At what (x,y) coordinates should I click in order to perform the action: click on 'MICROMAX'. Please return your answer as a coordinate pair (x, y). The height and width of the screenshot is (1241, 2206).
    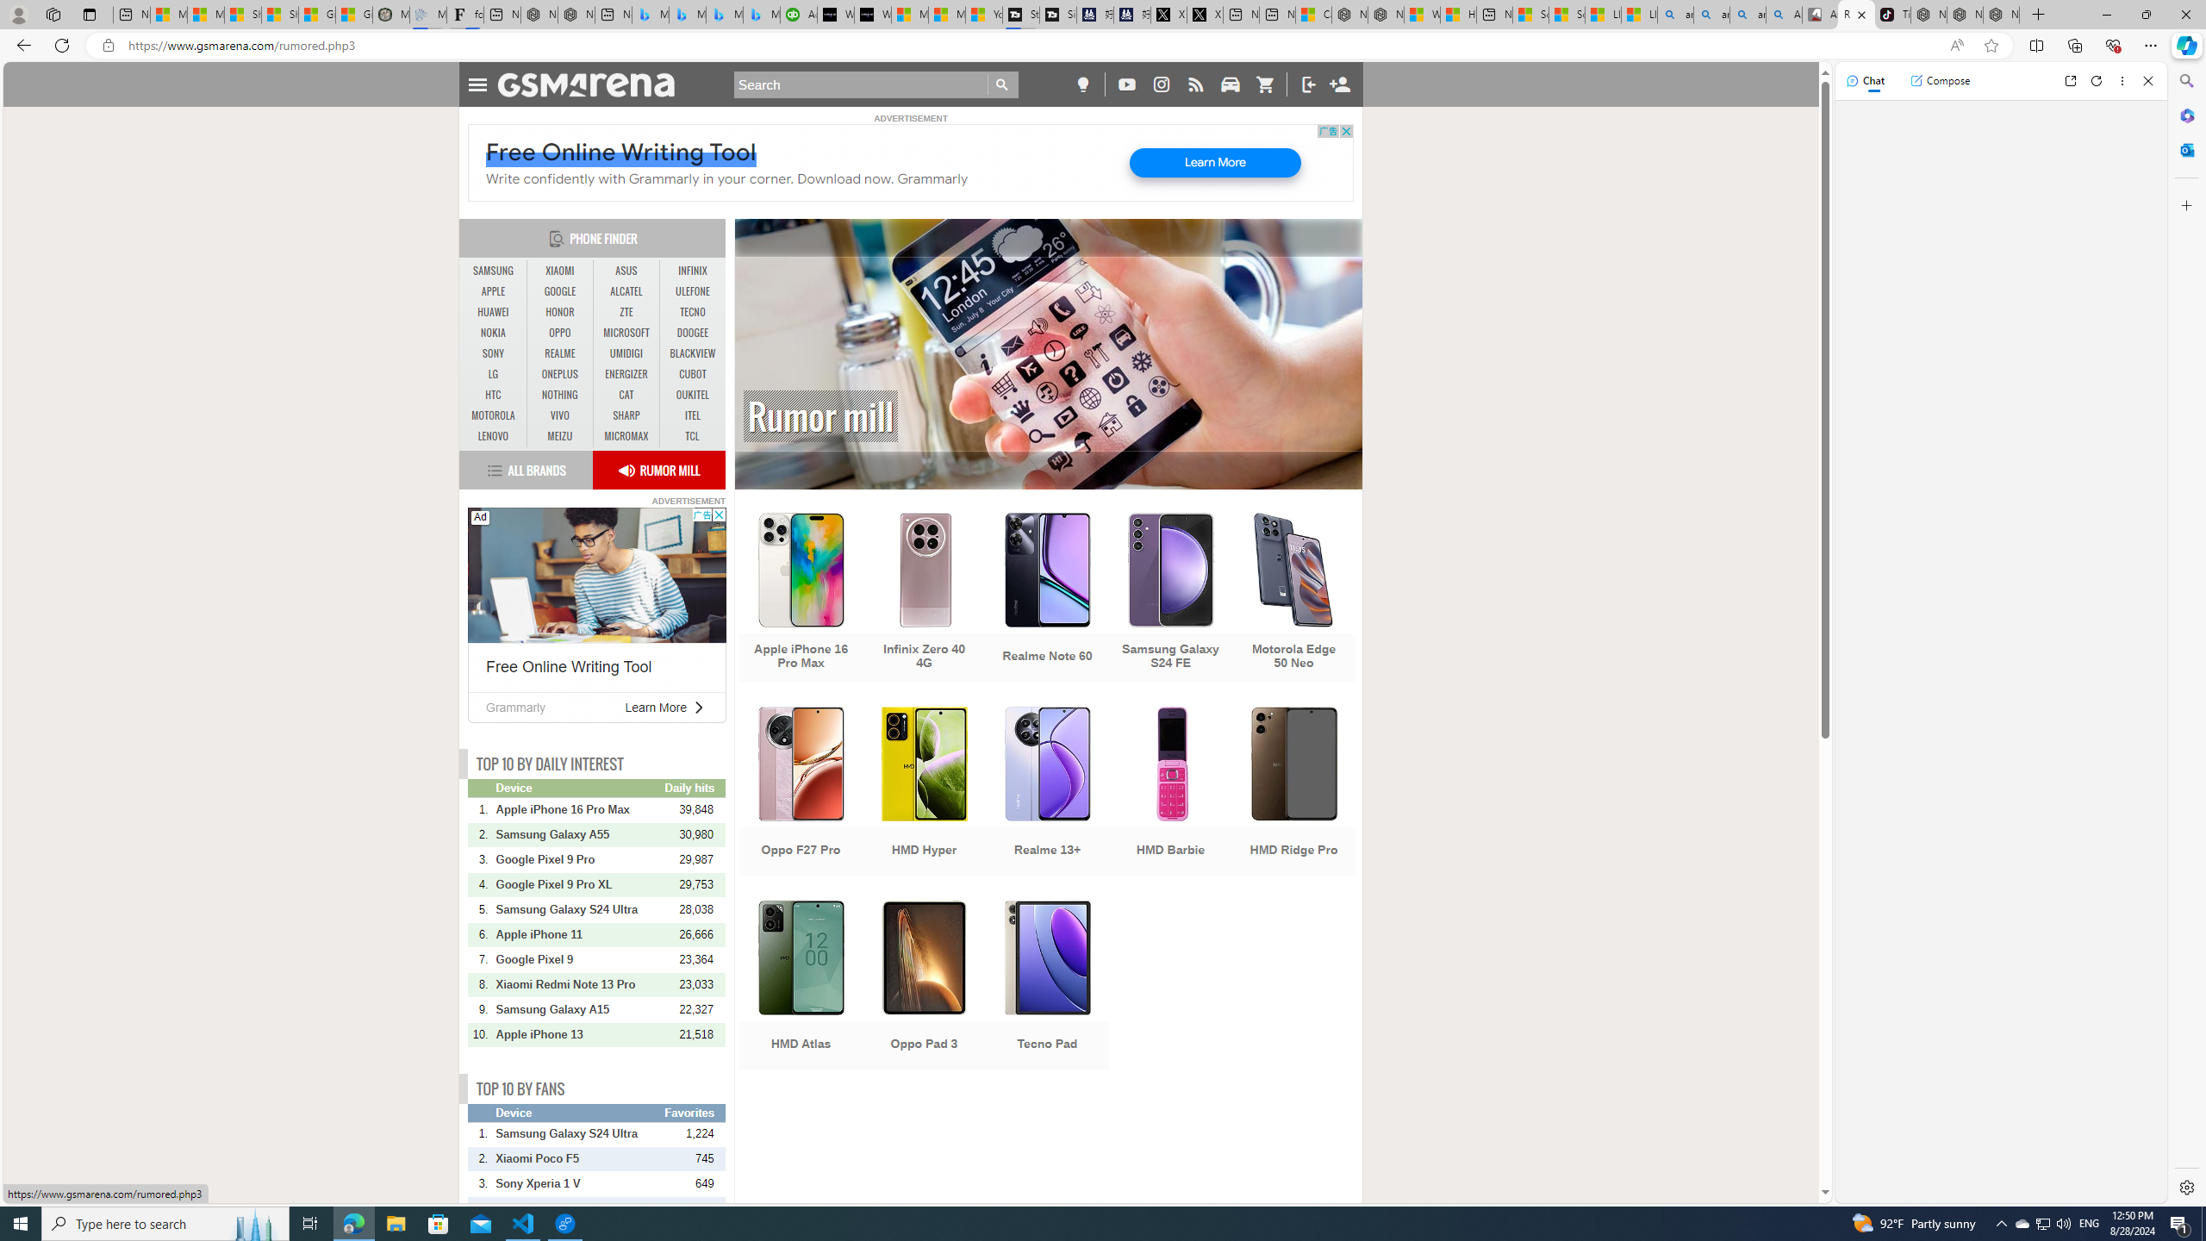
    Looking at the image, I should click on (626, 435).